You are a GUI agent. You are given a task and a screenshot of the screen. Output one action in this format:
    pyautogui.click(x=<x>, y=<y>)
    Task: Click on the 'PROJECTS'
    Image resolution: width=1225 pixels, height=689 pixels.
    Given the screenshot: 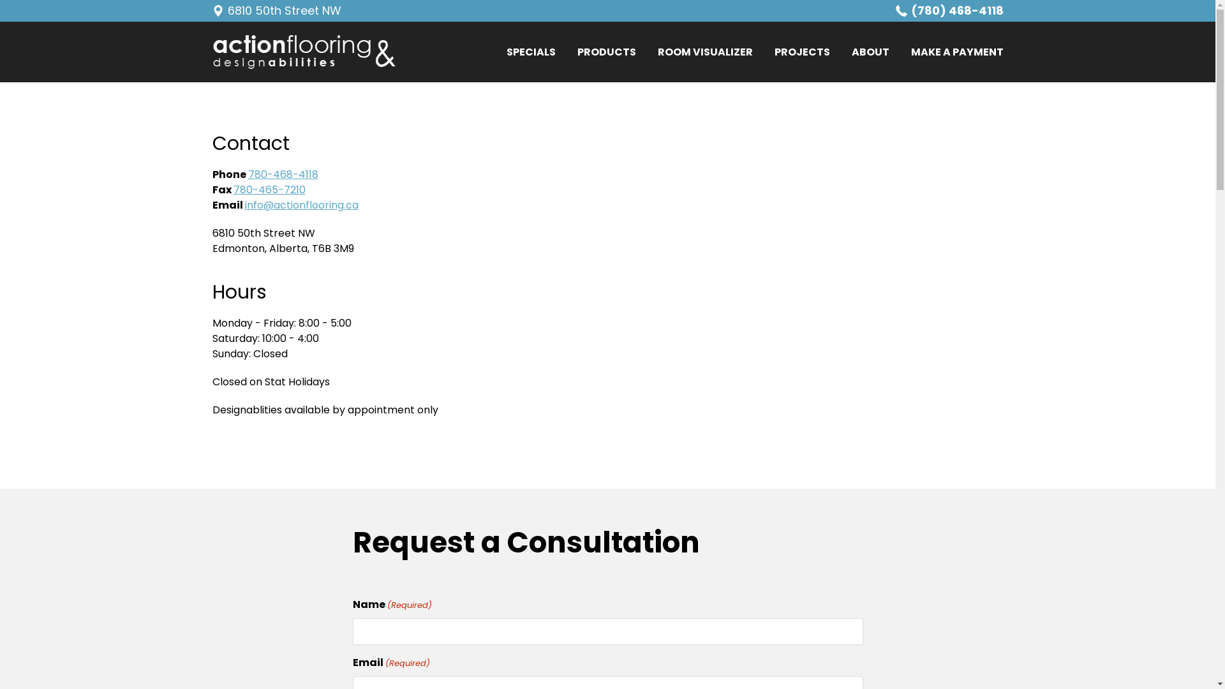 What is the action you would take?
    pyautogui.click(x=801, y=51)
    